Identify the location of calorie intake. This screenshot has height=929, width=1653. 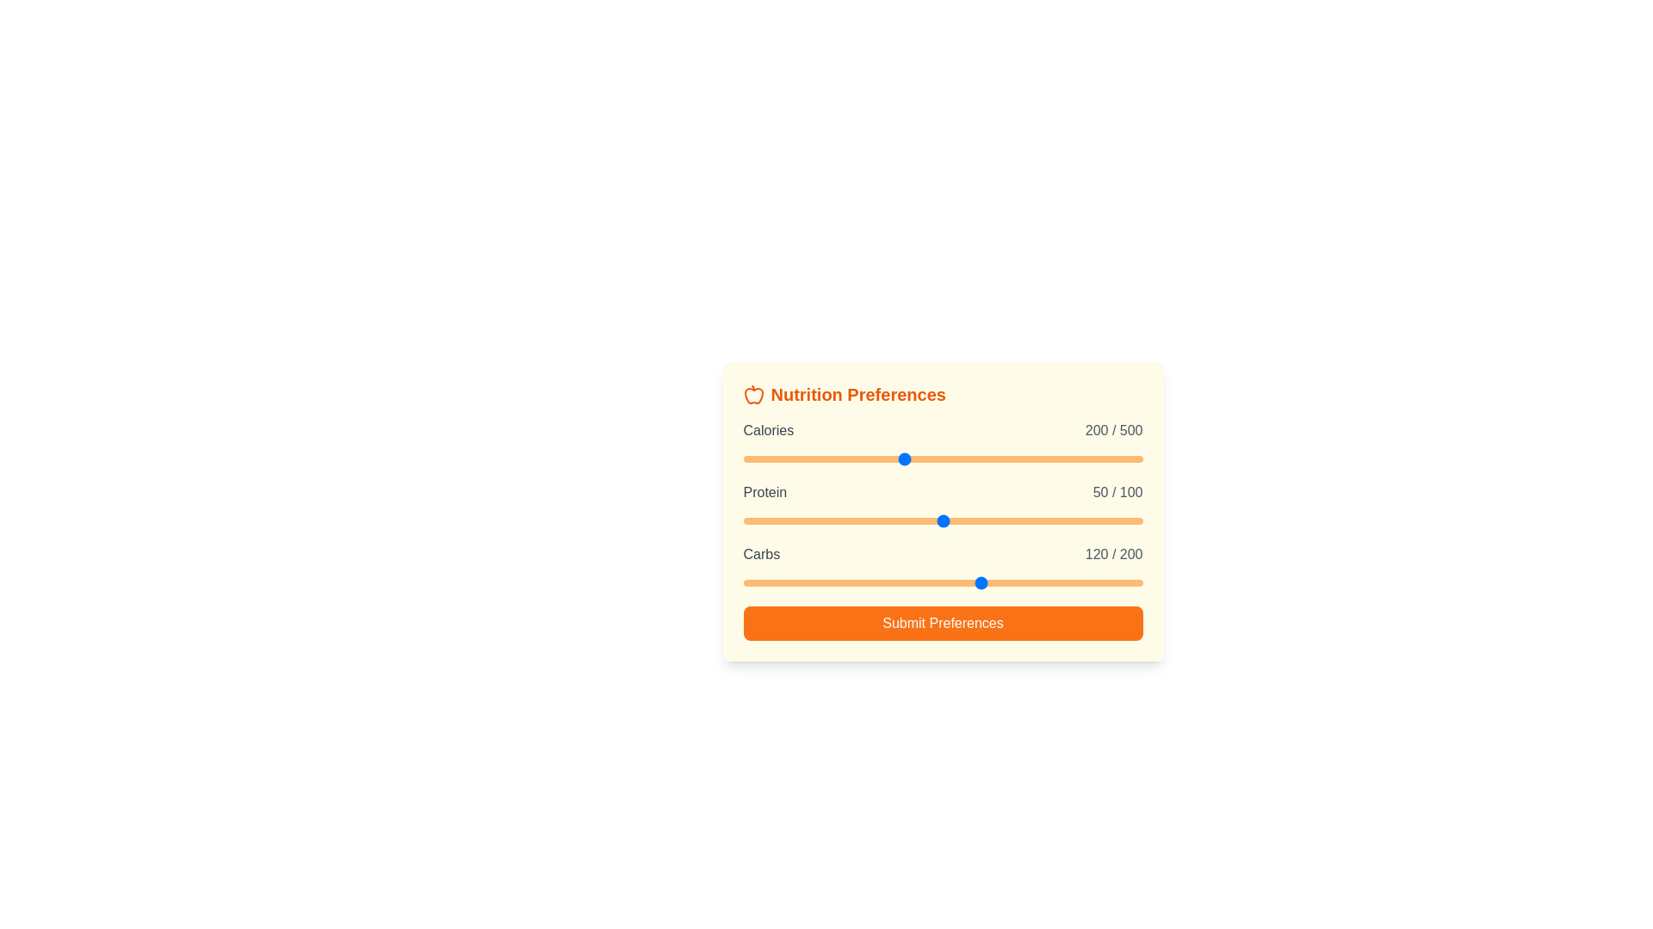
(1138, 458).